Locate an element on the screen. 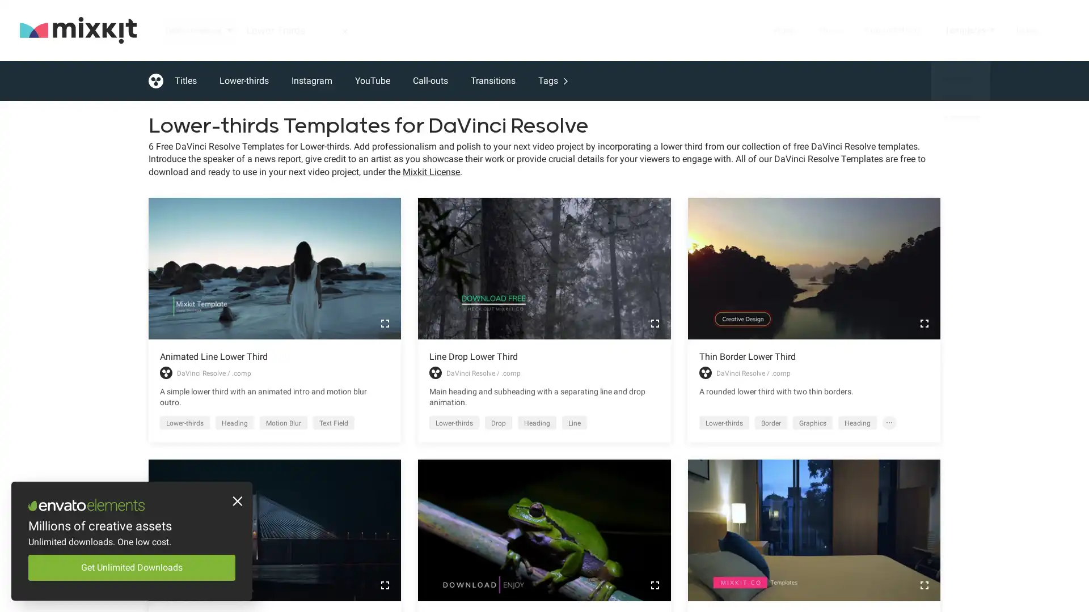 The image size is (1089, 612). View Fullscreen is located at coordinates (385, 585).